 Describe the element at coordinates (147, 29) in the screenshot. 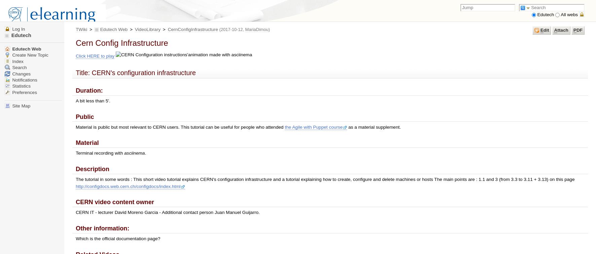

I see `'VideoLibrary'` at that location.